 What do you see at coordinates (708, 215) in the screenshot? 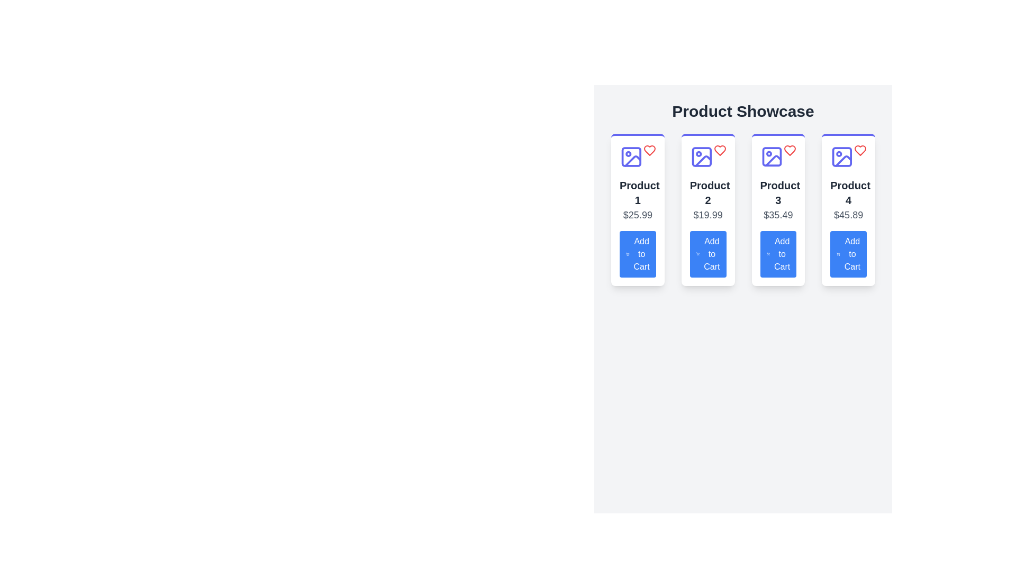
I see `the text label displaying '$19.99', which is positioned centrally beneath the title 'Product 2' and above the 'Add to Cart' button in the second product card` at bounding box center [708, 215].